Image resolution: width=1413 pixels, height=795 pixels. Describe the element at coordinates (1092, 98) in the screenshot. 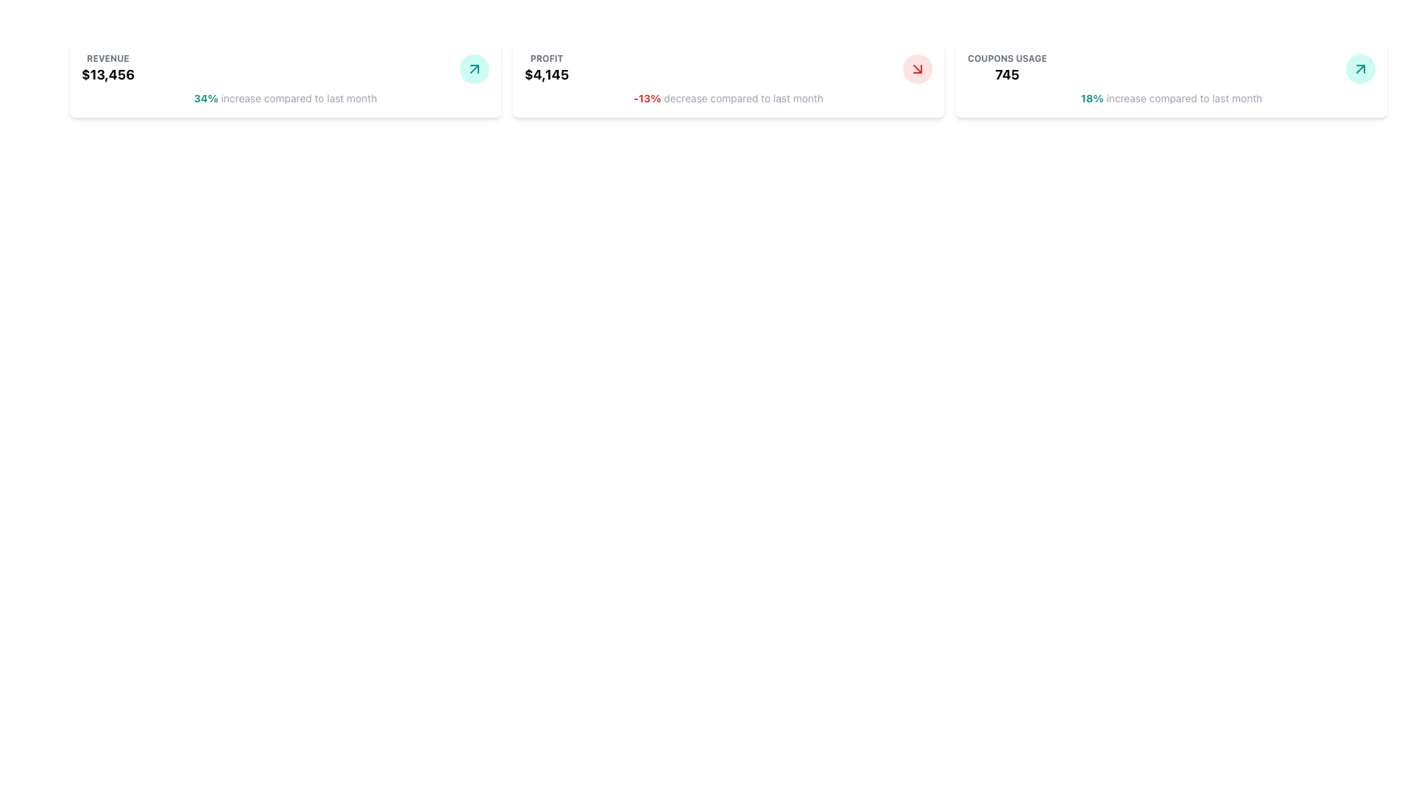

I see `value of the Text Label displaying an 18% increase within the 'Coupons Usage' card, located below the primary numeric information '745'` at that location.